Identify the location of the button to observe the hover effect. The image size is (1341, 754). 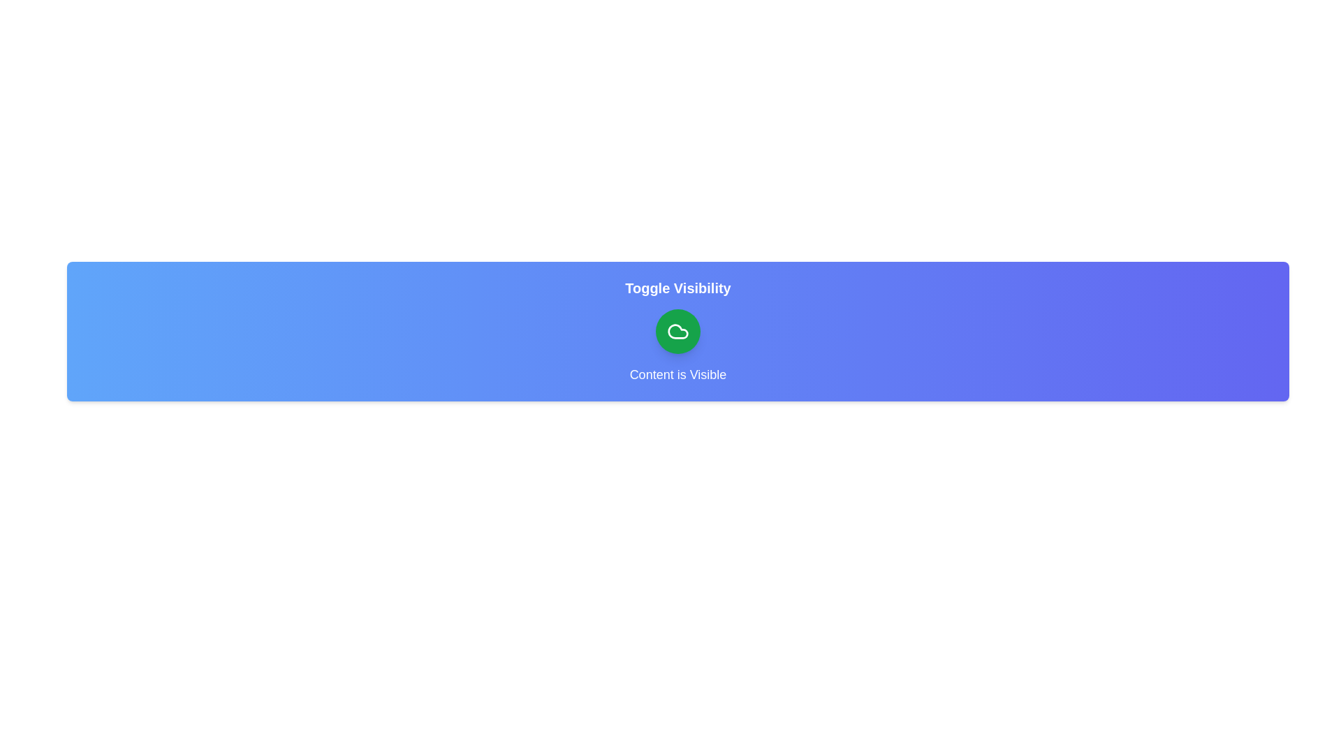
(677, 331).